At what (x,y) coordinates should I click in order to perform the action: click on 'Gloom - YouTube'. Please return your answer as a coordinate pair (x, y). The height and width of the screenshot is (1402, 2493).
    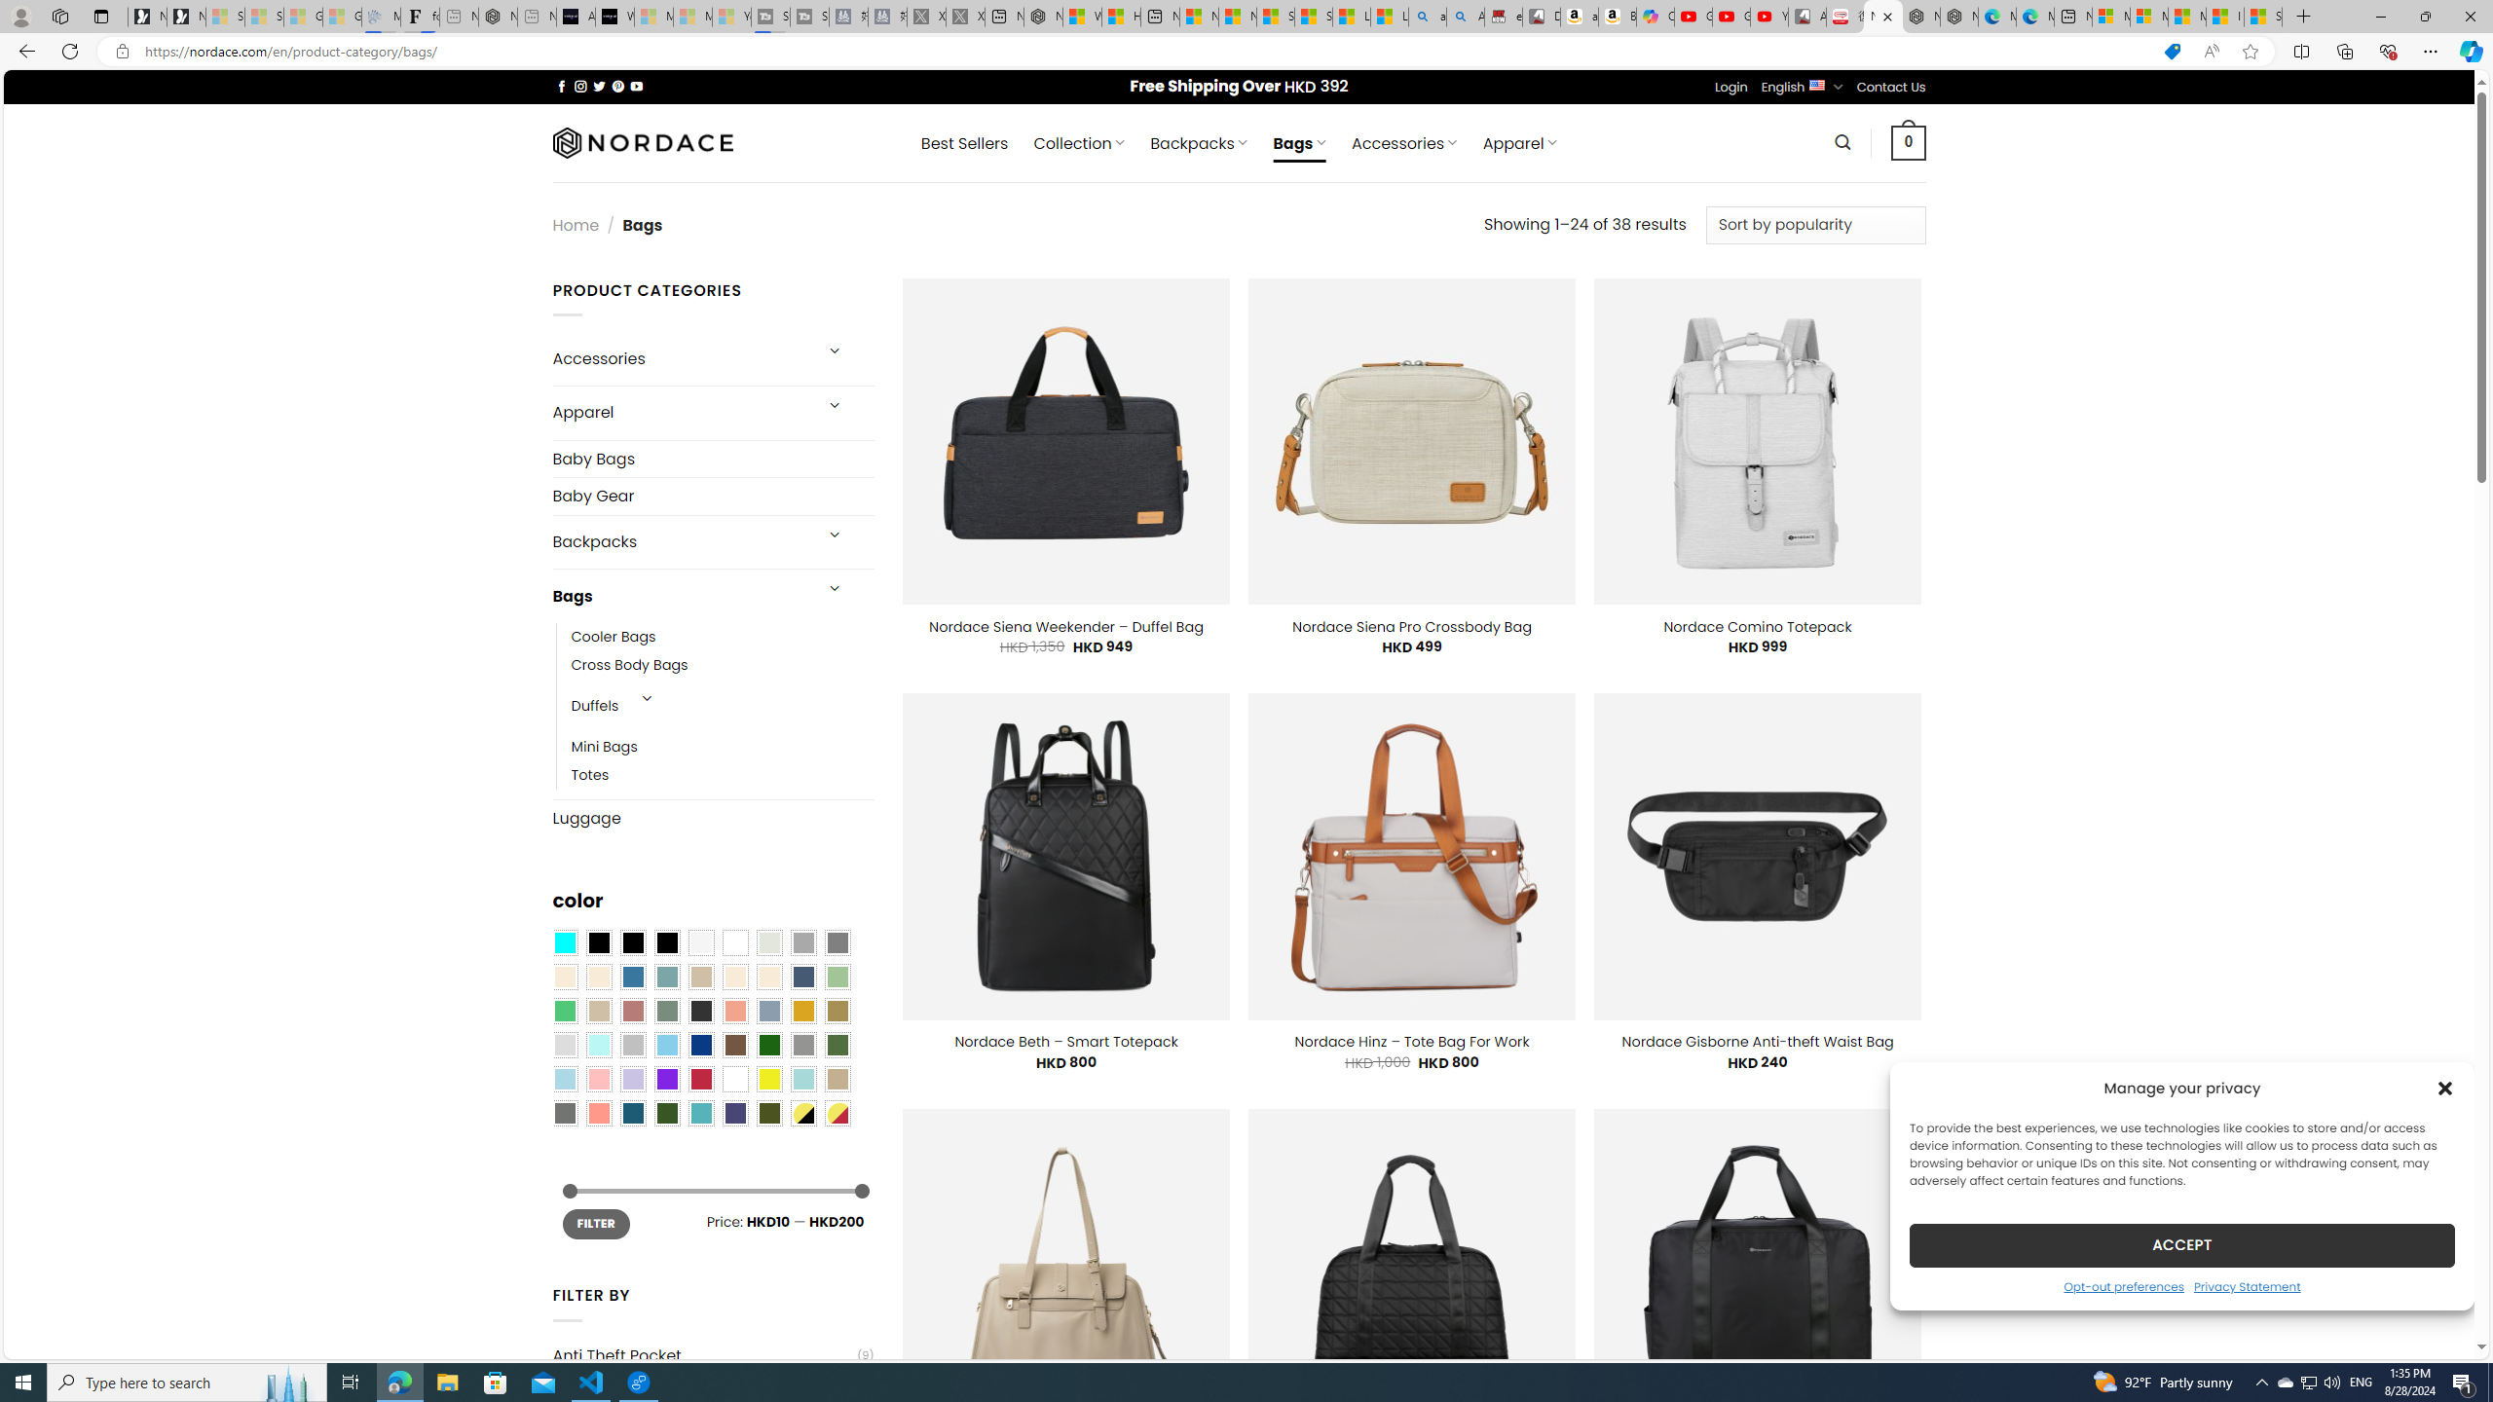
    Looking at the image, I should click on (1730, 16).